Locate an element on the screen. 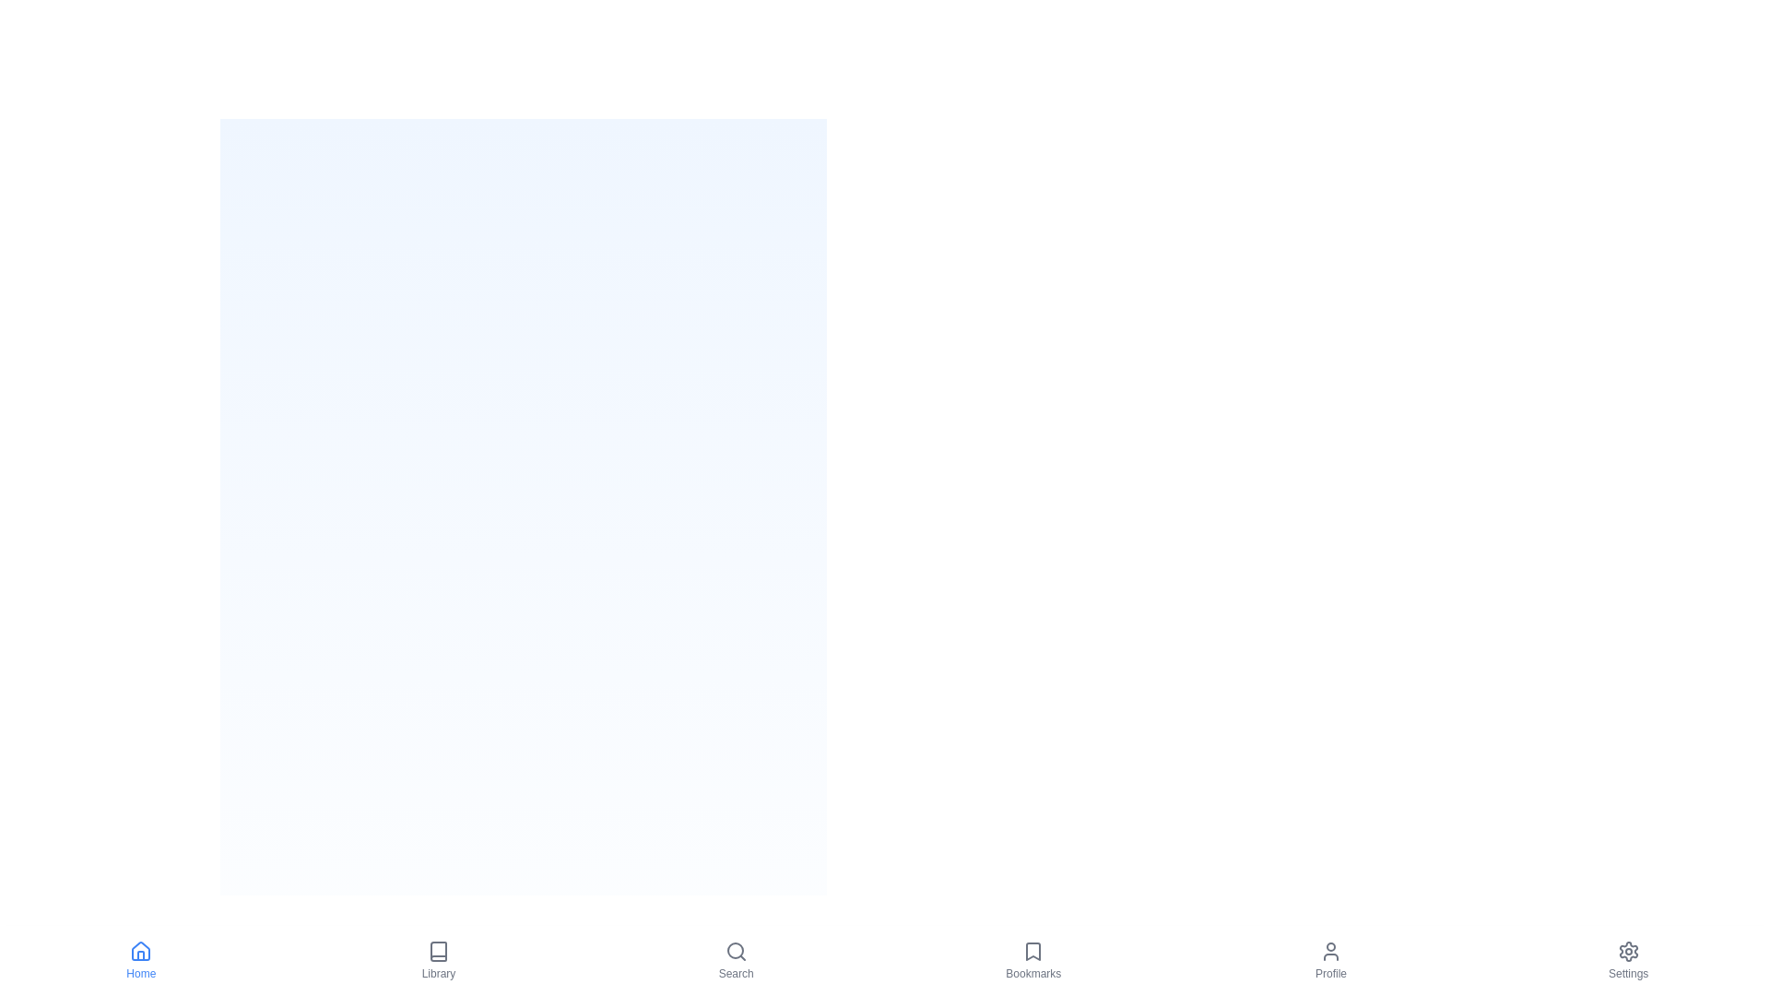  the Settings tab by clicking its icon is located at coordinates (1628, 959).